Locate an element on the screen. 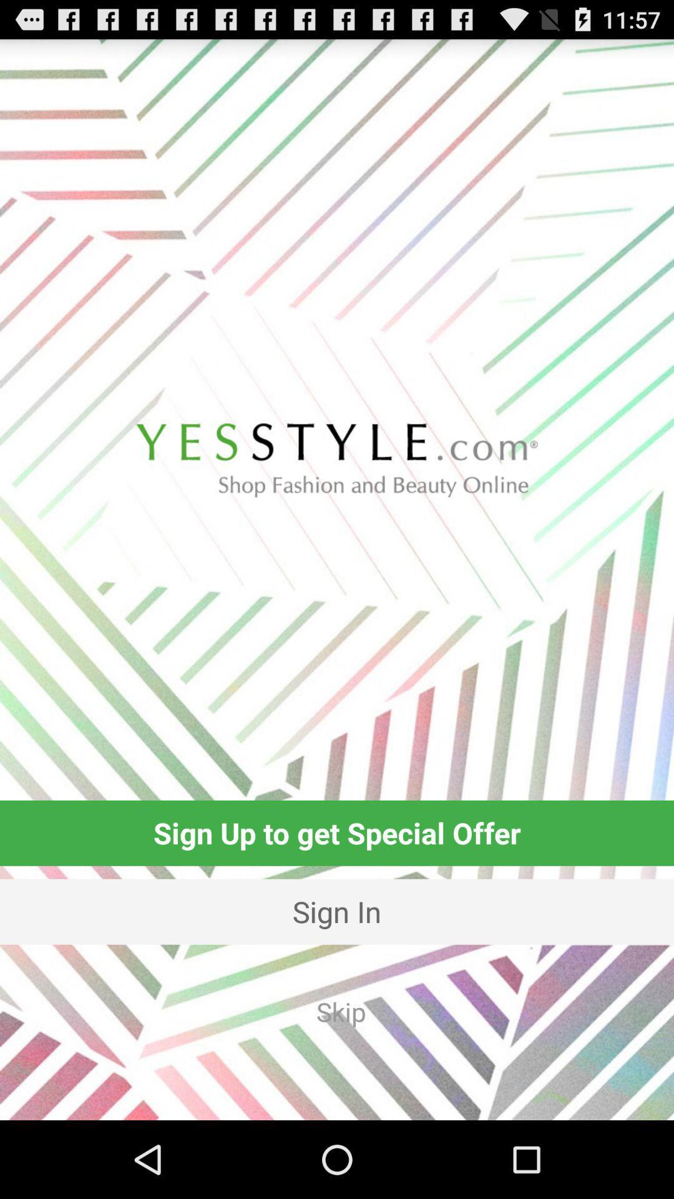 The image size is (674, 1199). item below sign up to icon is located at coordinates (337, 912).